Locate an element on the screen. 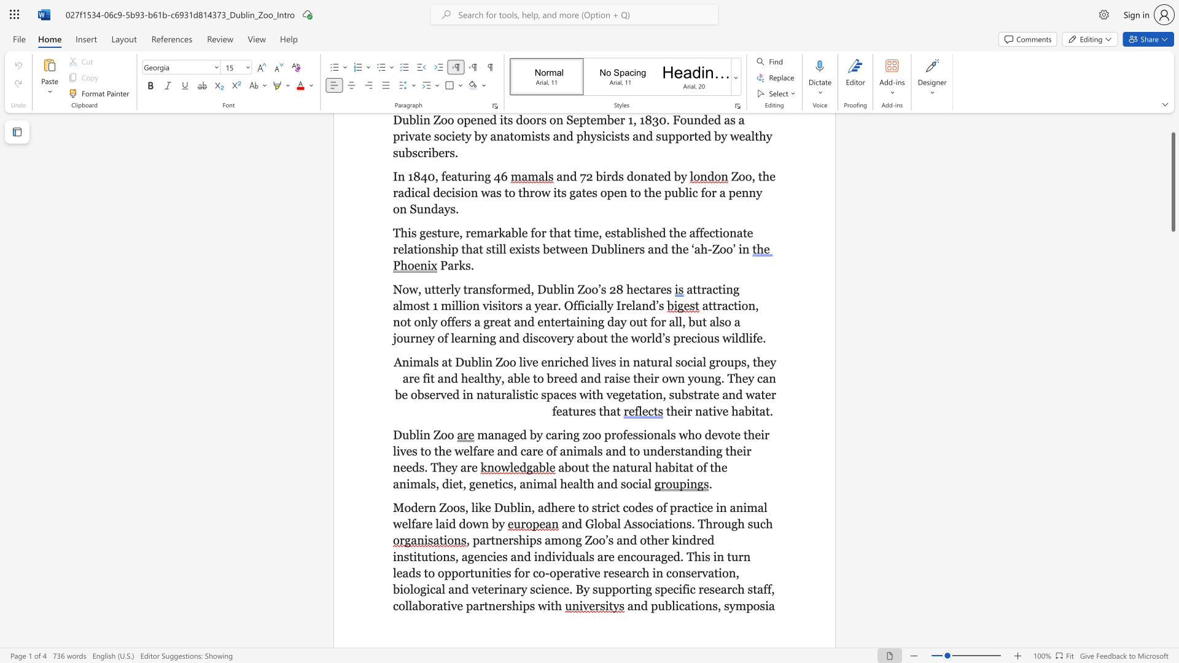 This screenshot has width=1179, height=663. the subset text "r. Officia" within the text "attracting almost 1 million visitors a year. Officially Ireland’s" is located at coordinates (552, 304).